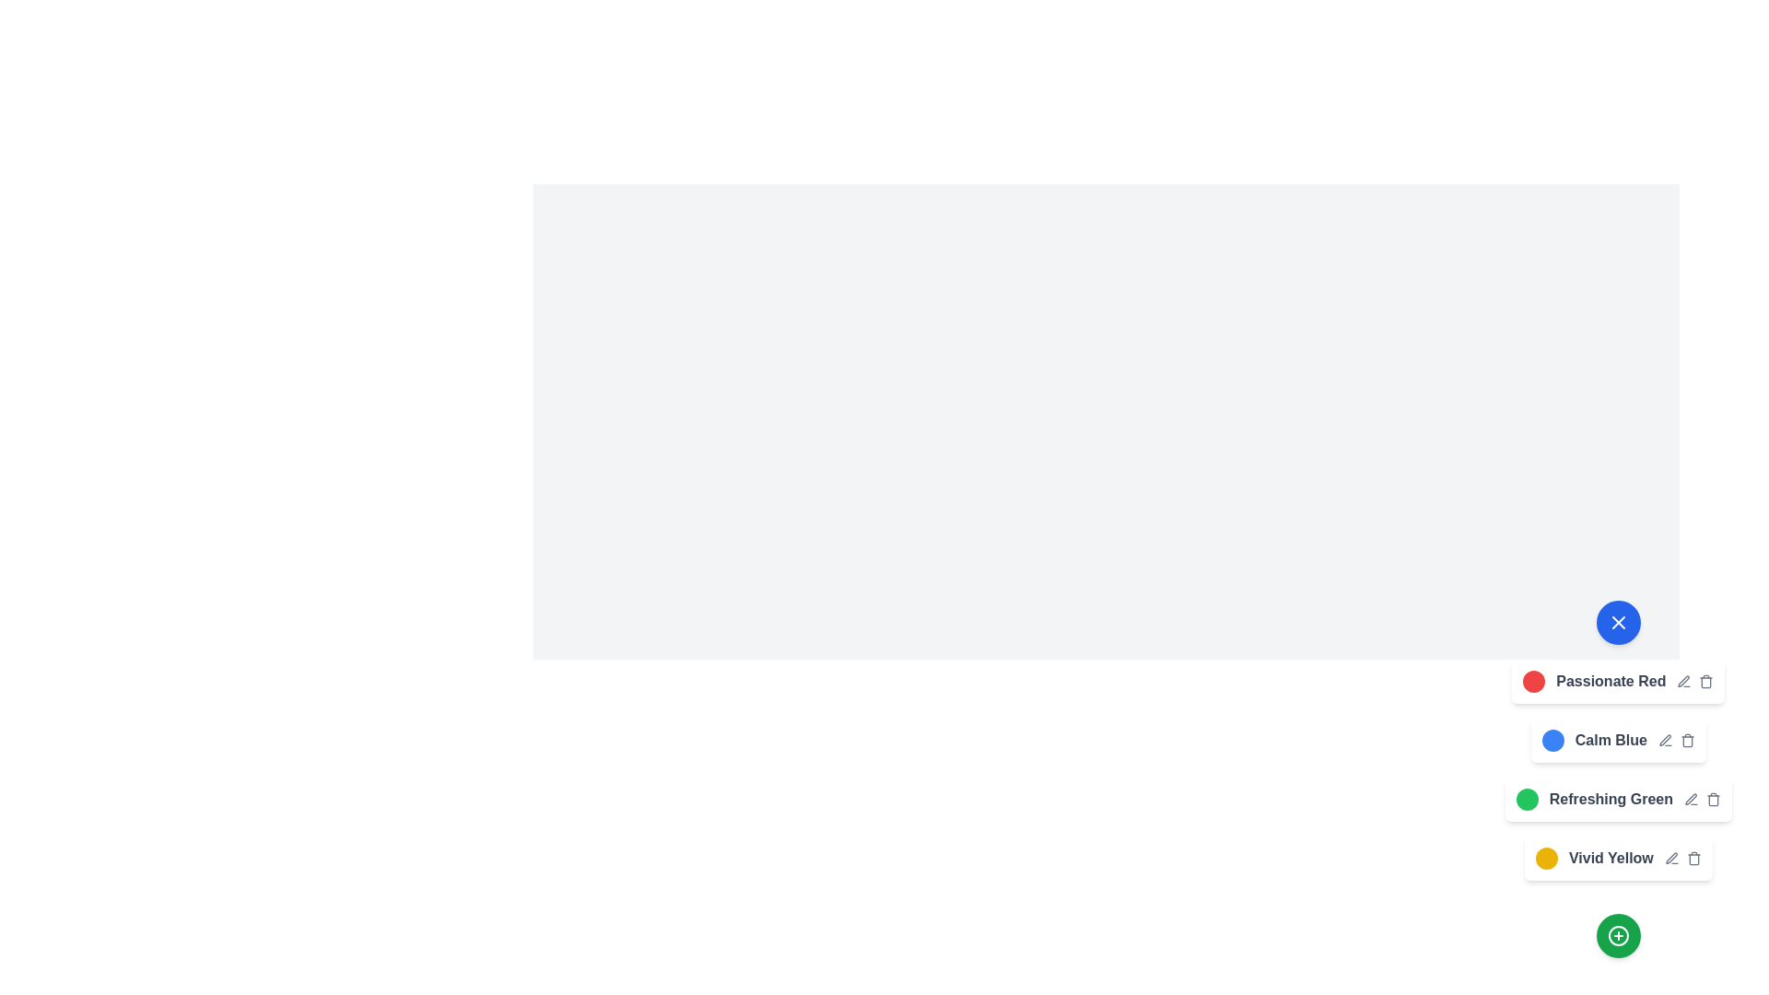 The height and width of the screenshot is (995, 1769). What do you see at coordinates (1527, 798) in the screenshot?
I see `the color theme Refreshing Green from the list` at bounding box center [1527, 798].